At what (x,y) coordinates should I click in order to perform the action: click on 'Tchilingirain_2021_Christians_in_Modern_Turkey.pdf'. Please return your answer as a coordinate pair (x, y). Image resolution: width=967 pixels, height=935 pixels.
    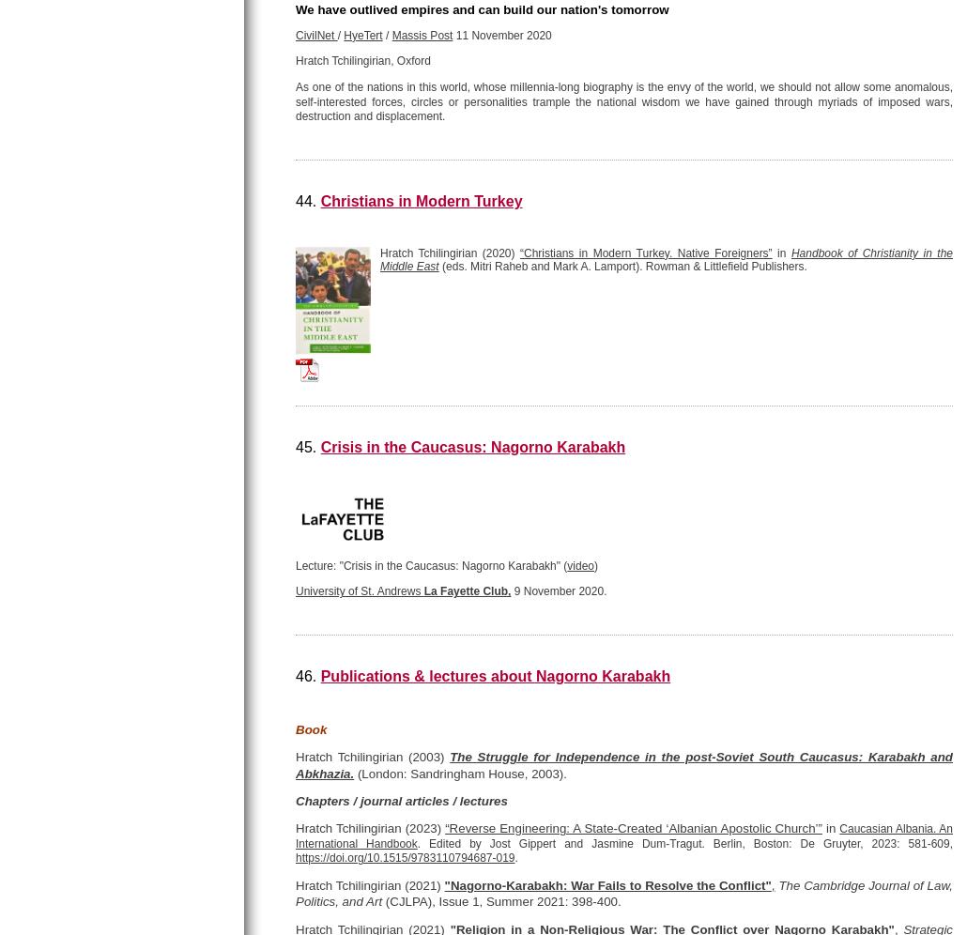
    Looking at the image, I should click on (450, 362).